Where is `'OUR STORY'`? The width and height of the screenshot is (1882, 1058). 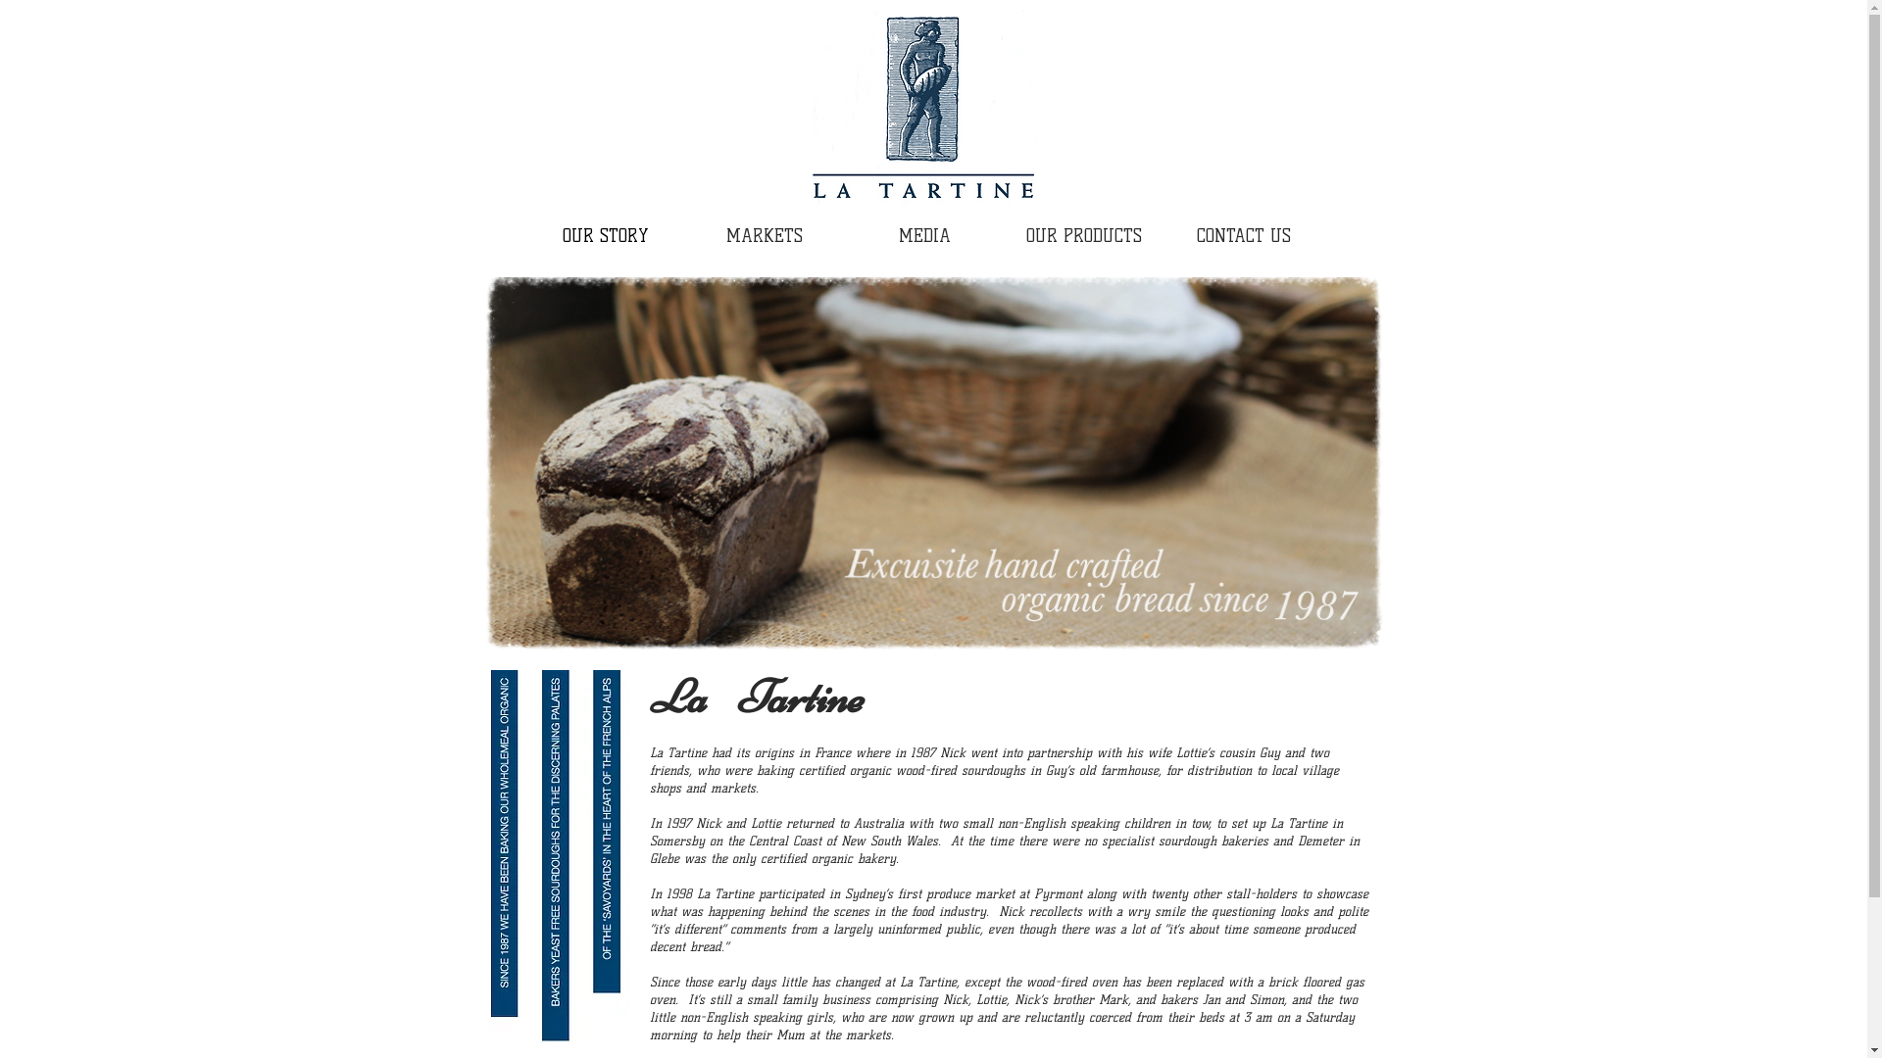 'OUR STORY' is located at coordinates (604, 235).